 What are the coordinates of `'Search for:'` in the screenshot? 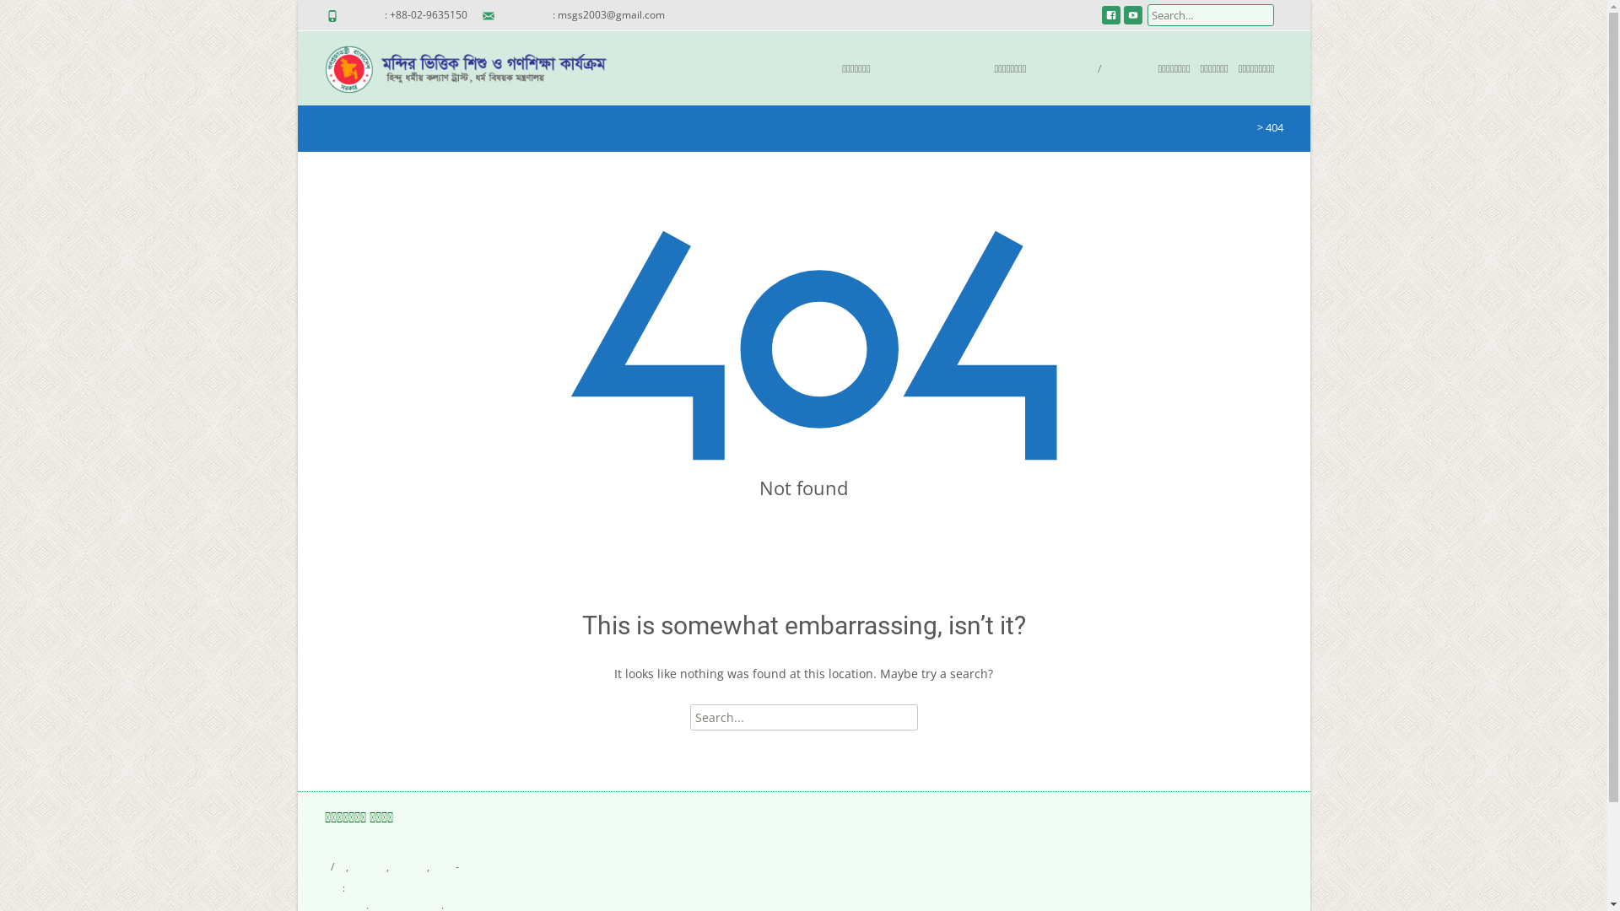 It's located at (1210, 15).